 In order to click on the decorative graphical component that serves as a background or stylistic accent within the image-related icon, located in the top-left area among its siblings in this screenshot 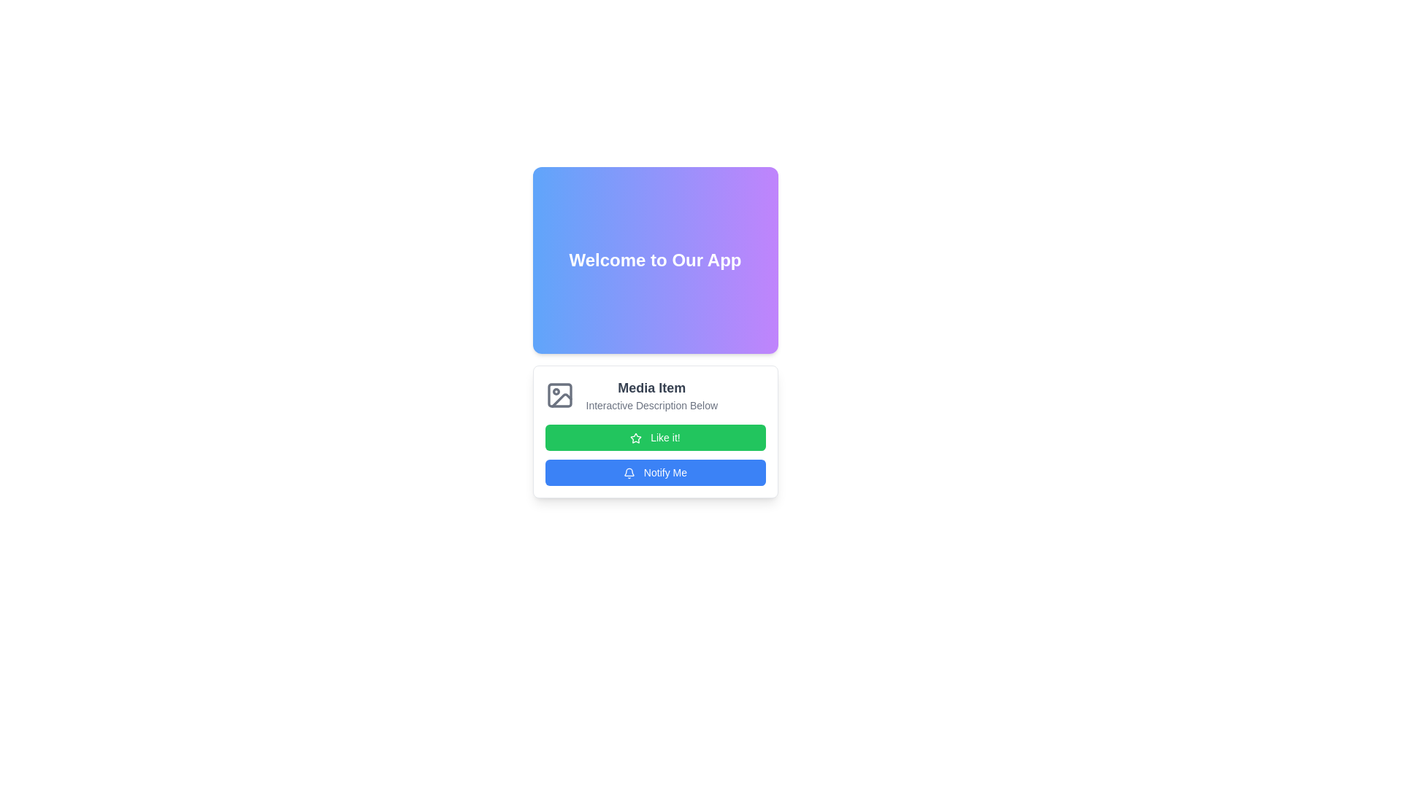, I will do `click(559, 395)`.